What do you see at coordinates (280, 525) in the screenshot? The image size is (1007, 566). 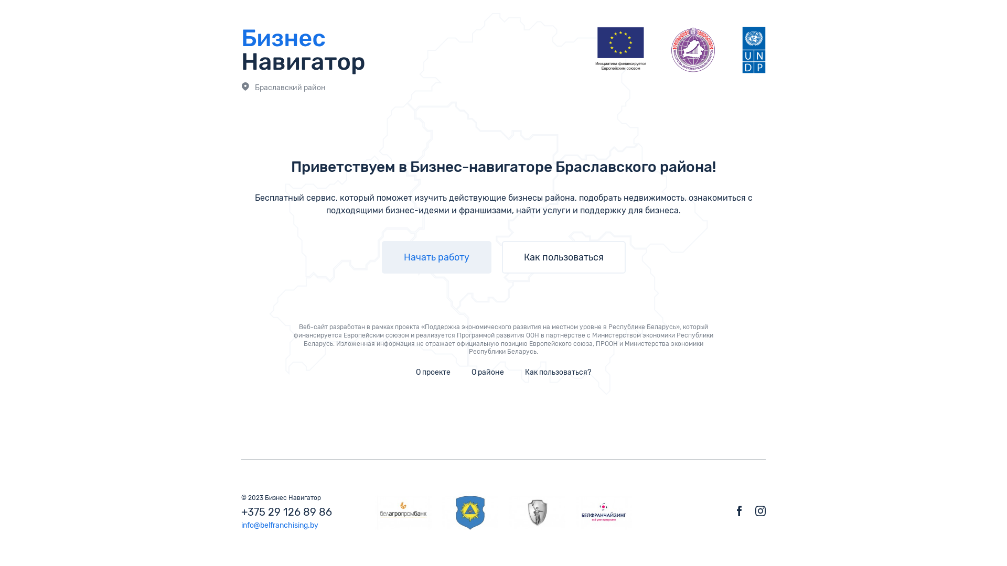 I see `'info@belfranchising.by'` at bounding box center [280, 525].